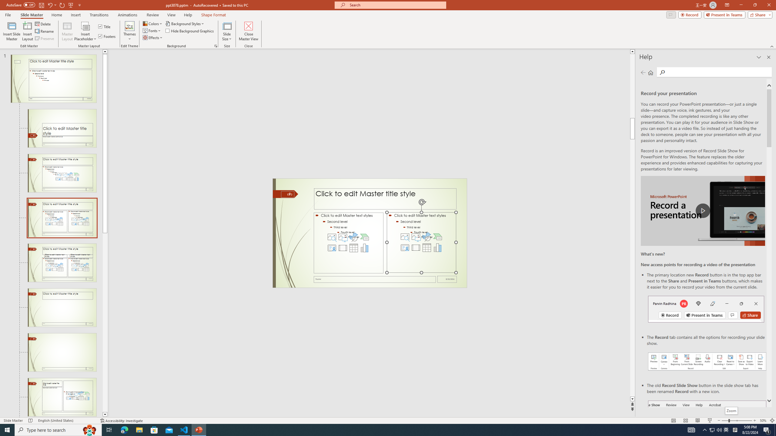  I want to click on 'Insert an Icon', so click(426, 236).